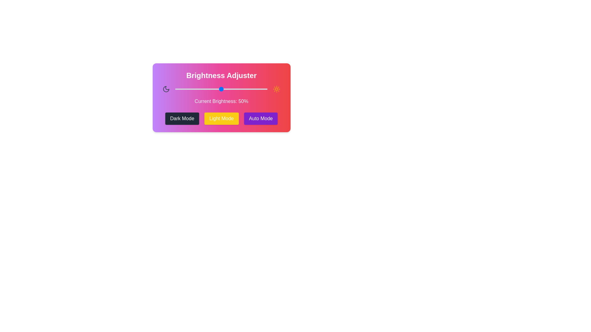  What do you see at coordinates (227, 89) in the screenshot?
I see `the brightness slider to 57%` at bounding box center [227, 89].